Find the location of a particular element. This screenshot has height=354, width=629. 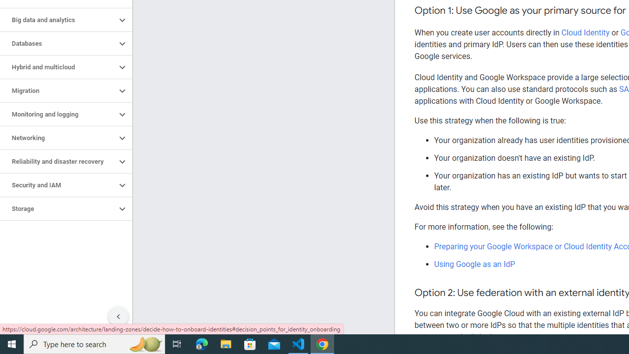

'Hide side navigation' is located at coordinates (118, 317).